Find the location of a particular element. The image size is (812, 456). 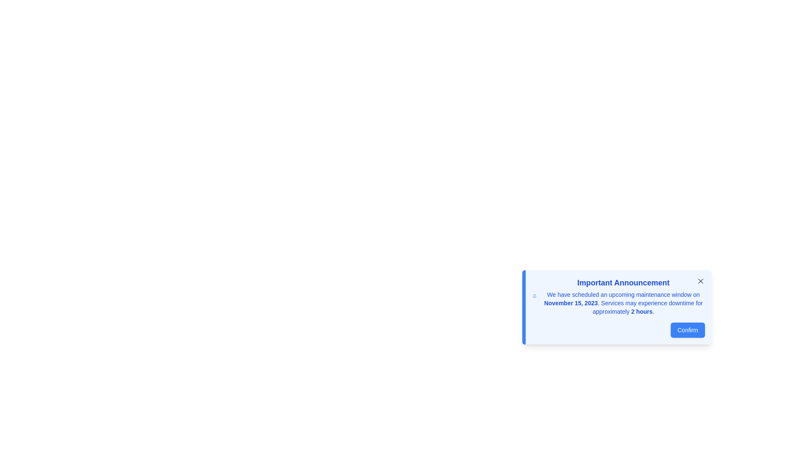

the static text displaying '2 hours' in bold blue color, located at the lower right portion of the announcement card indicating the duration of the maintenance window is located at coordinates (642, 311).